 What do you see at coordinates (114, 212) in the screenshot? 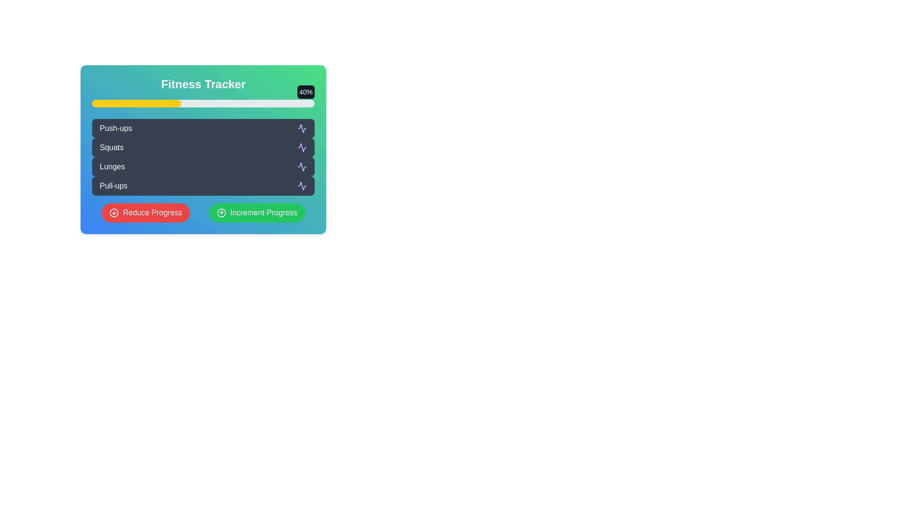
I see `the visual indicator icon located to the left of the 'Increment Progress' button, which is part of the 'Reduce Progress' button` at bounding box center [114, 212].